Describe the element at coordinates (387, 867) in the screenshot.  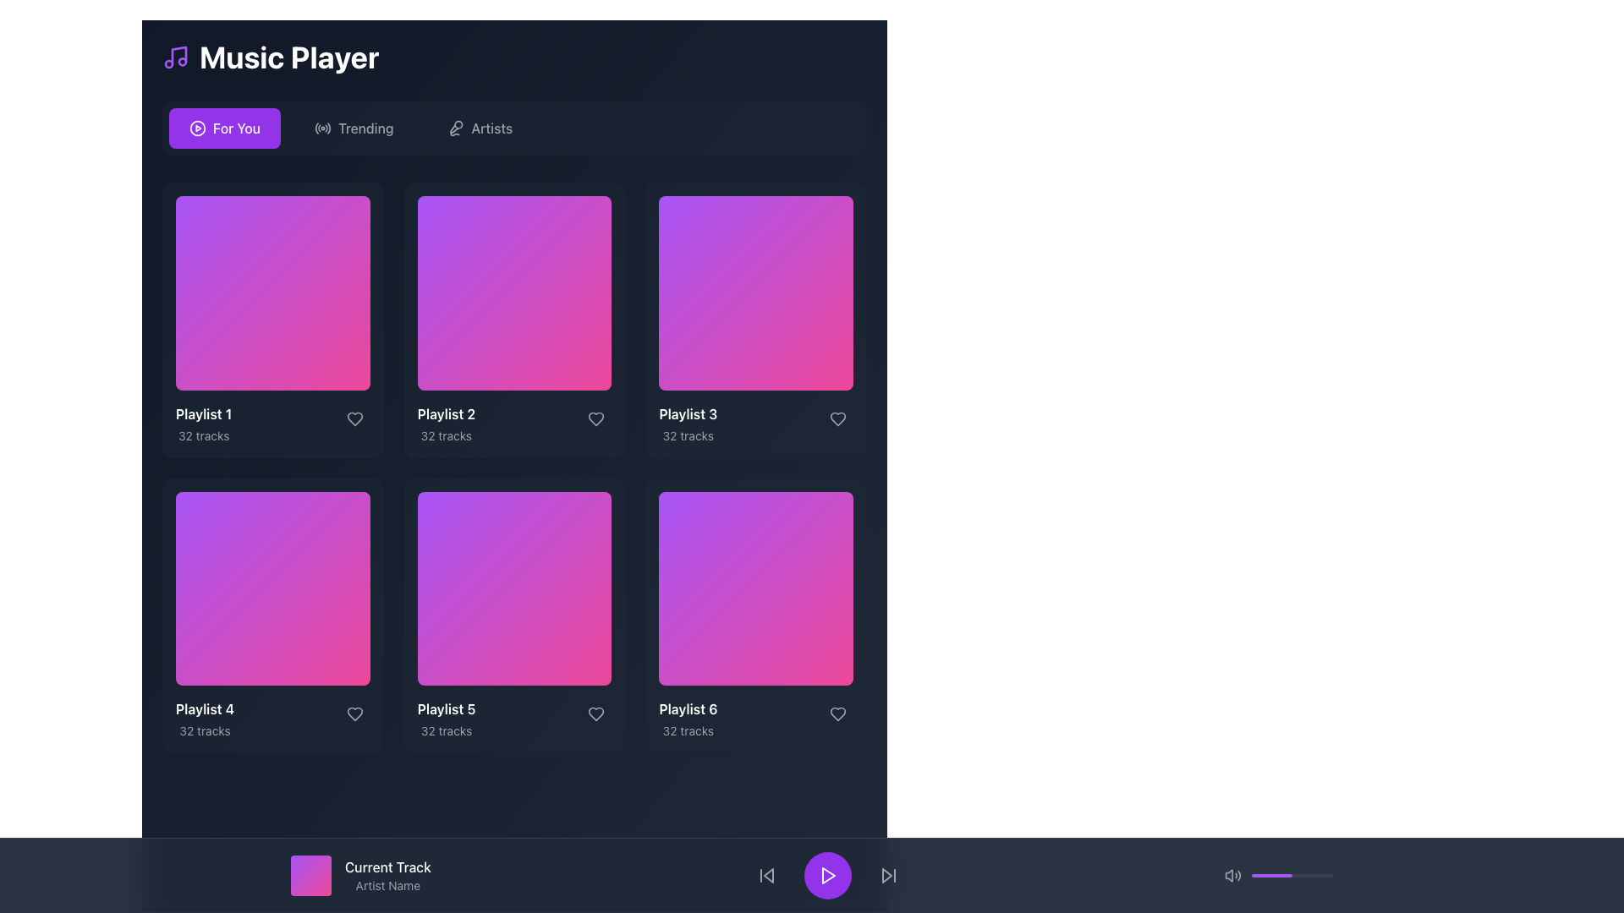
I see `'Current Track' text label, which is displayed in white, bold font at the bottom of the interface, next to a thumbnail icon and above the 'Artist Name.'` at that location.